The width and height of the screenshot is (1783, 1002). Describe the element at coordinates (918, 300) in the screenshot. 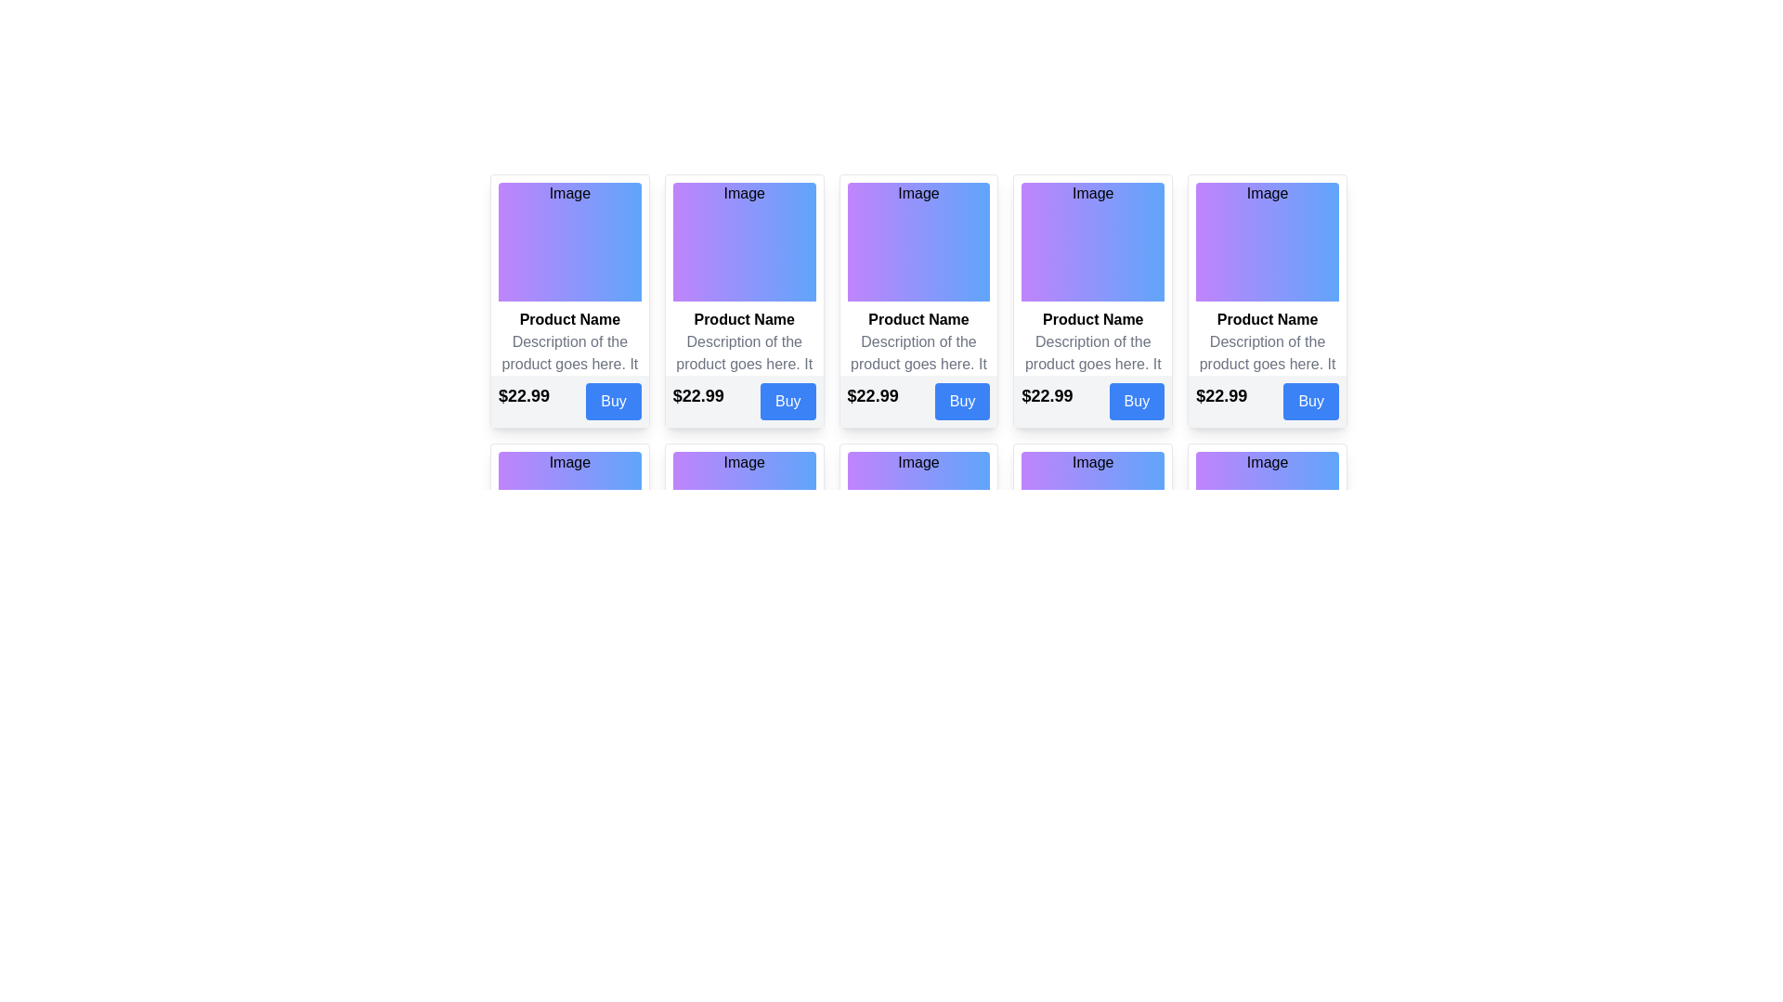

I see `the informational card that provides a preview of a product, which is the second card in a horizontal lineup, centrally aligned with an image above and a pricing label below` at that location.